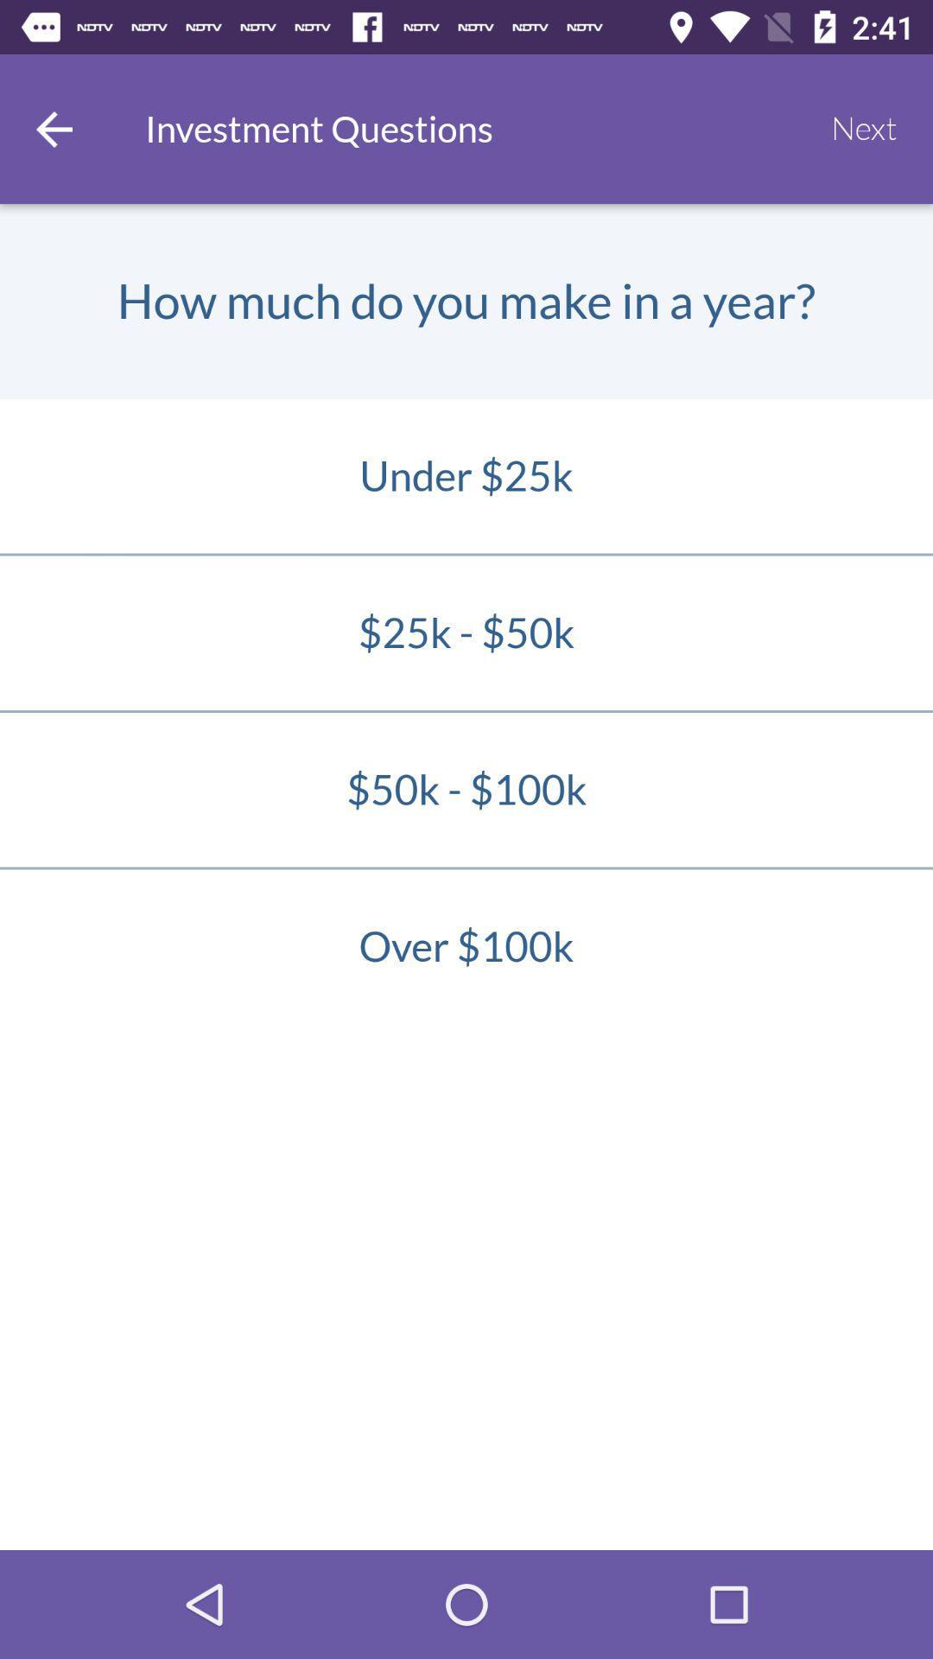  I want to click on next item, so click(864, 128).